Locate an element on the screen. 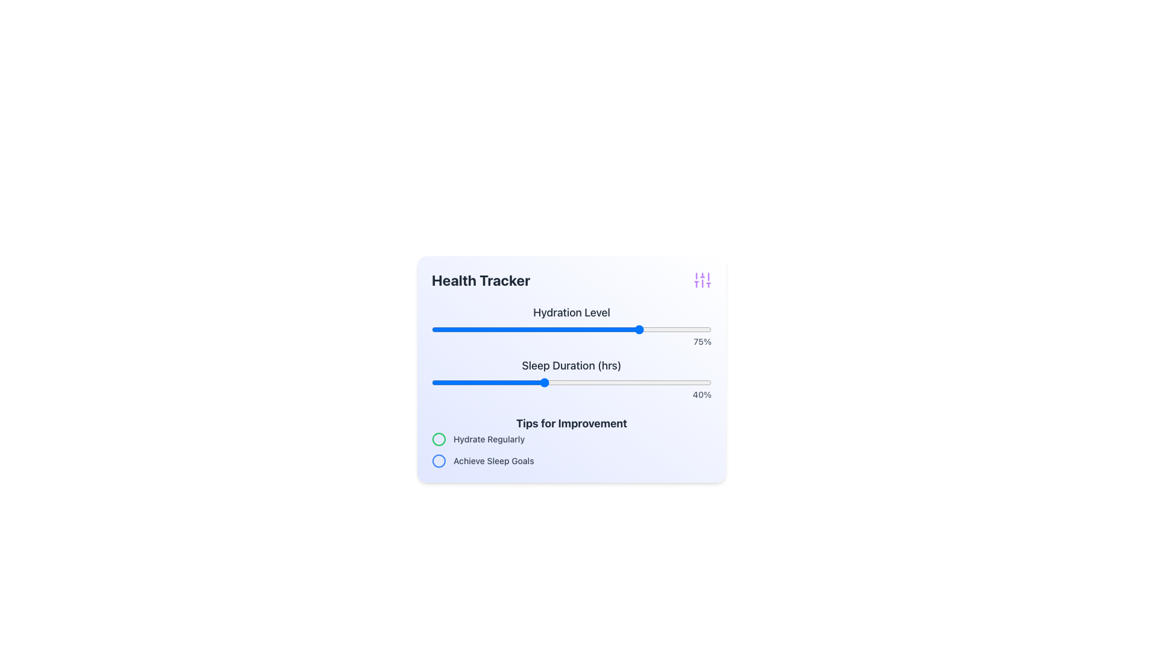  the hydration level is located at coordinates (521, 330).